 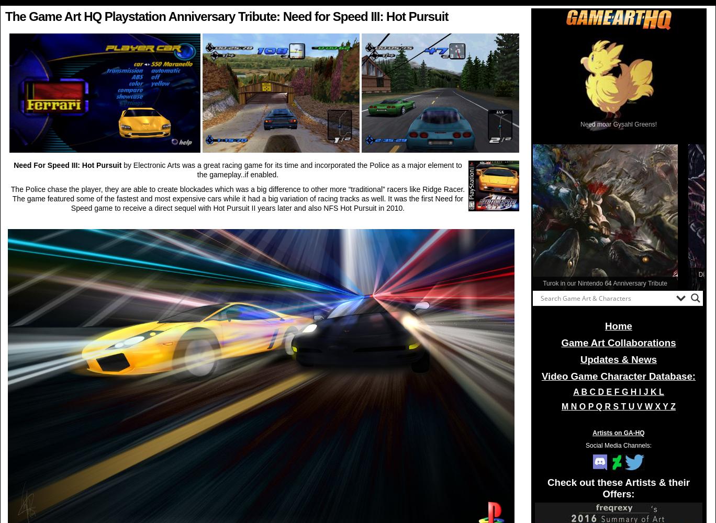 I want to click on 'F', so click(x=618, y=391).